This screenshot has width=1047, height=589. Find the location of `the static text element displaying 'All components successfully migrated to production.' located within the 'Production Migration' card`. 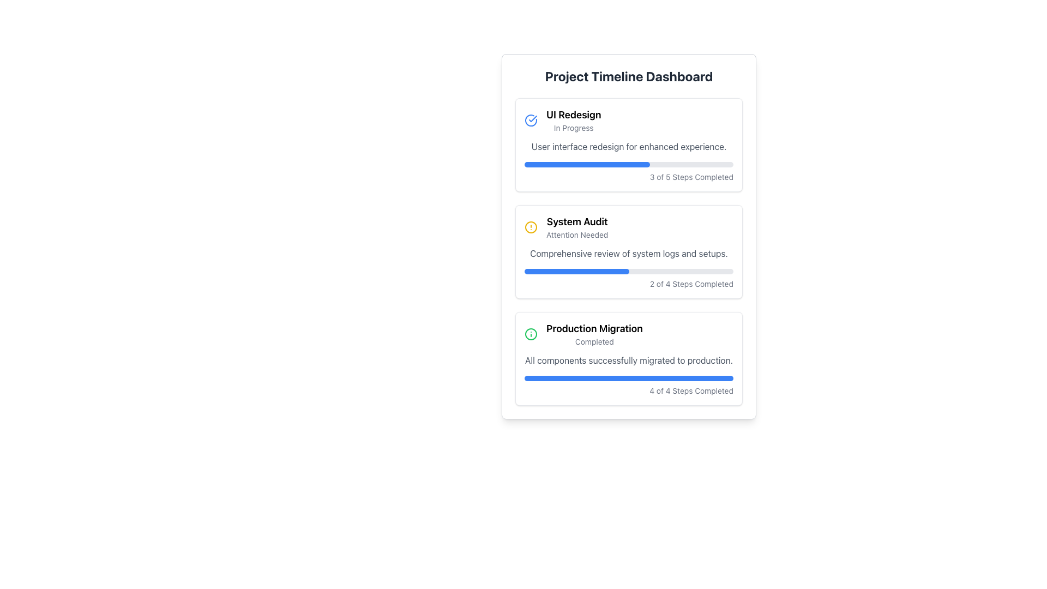

the static text element displaying 'All components successfully migrated to production.' located within the 'Production Migration' card is located at coordinates (629, 360).